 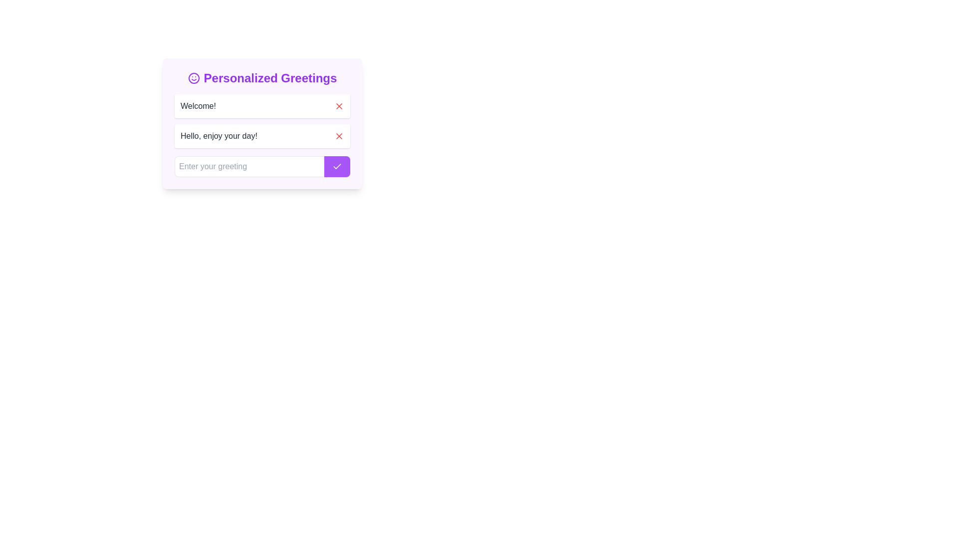 I want to click on the Decorative icon, which is a circular smiling face with a purple outline, located at the top left corner of the 'Personalized Greetings' header text, so click(x=194, y=78).